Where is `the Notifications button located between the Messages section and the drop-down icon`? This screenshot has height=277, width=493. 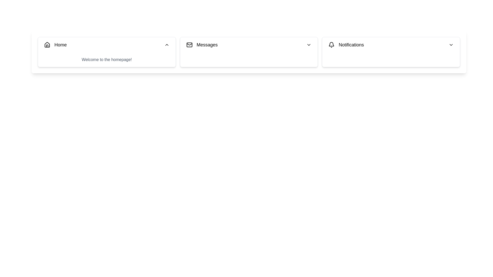
the Notifications button located between the Messages section and the drop-down icon is located at coordinates (346, 44).